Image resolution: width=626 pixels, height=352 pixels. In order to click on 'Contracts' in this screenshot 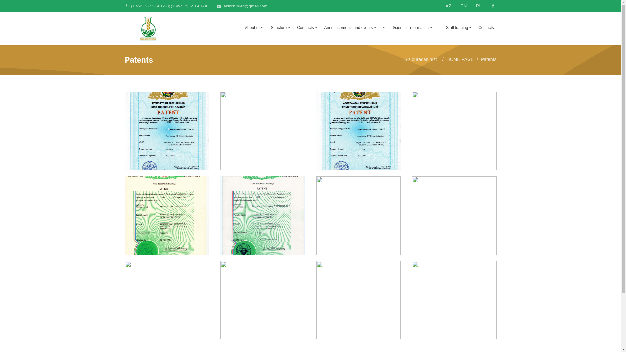, I will do `click(294, 27)`.